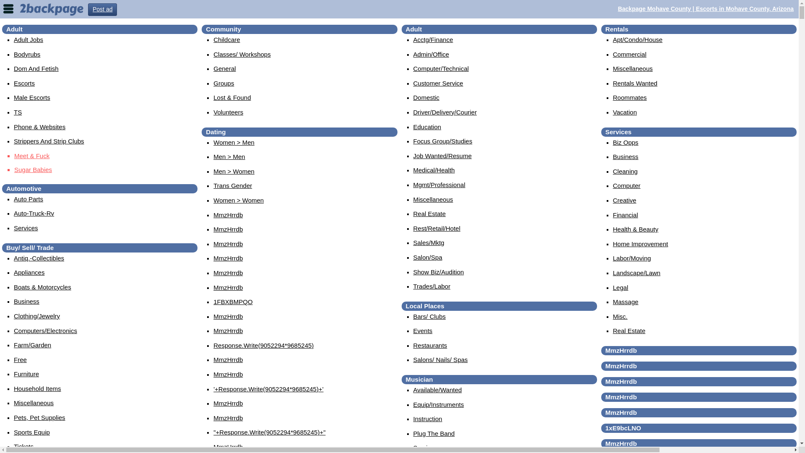  What do you see at coordinates (441, 68) in the screenshot?
I see `'Computer/Technical'` at bounding box center [441, 68].